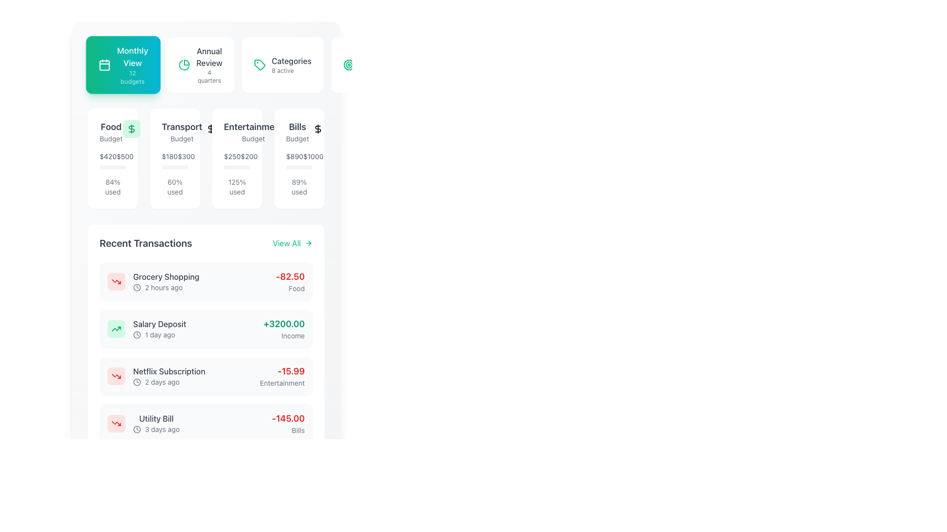  What do you see at coordinates (205, 329) in the screenshot?
I see `the second item in the 'Recent Transactions' list that displays transaction details such as type, time, and amount` at bounding box center [205, 329].